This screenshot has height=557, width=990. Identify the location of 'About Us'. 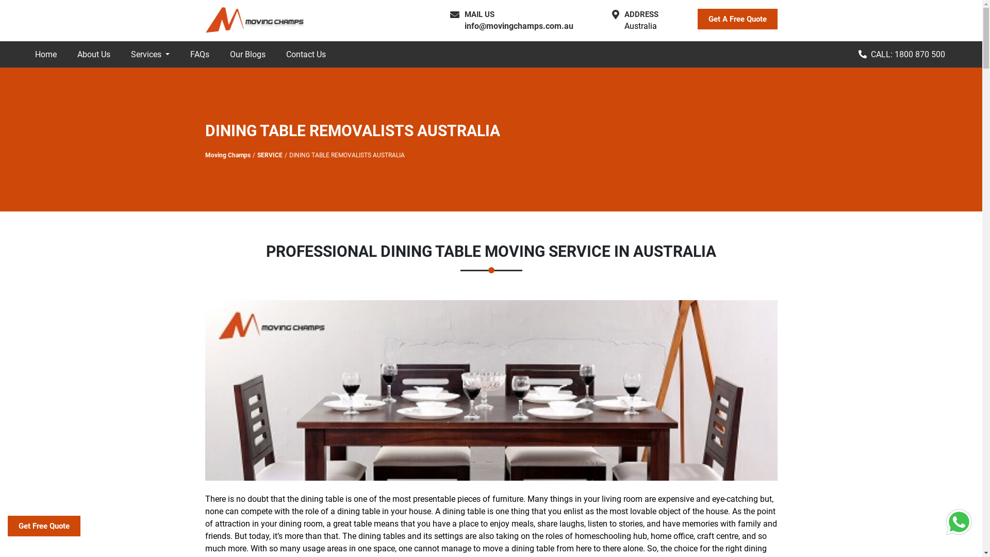
(94, 54).